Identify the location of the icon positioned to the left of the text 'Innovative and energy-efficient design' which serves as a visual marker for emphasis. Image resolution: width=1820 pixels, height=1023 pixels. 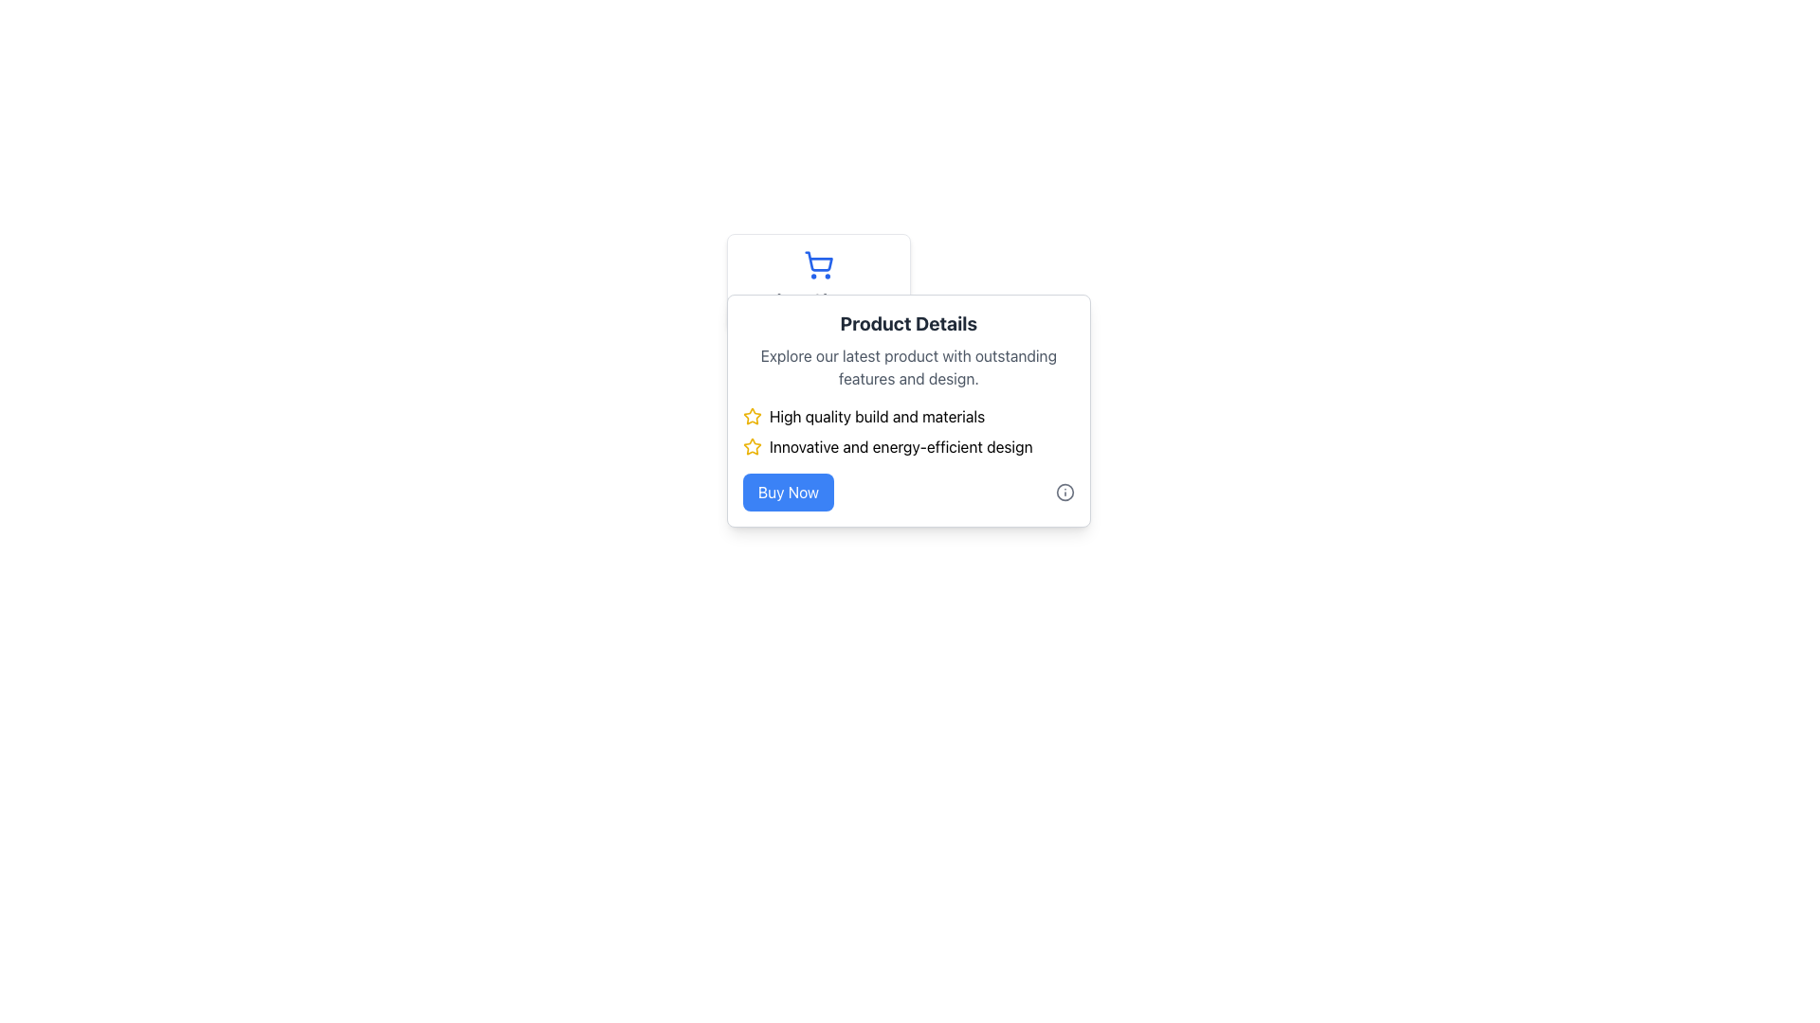
(751, 446).